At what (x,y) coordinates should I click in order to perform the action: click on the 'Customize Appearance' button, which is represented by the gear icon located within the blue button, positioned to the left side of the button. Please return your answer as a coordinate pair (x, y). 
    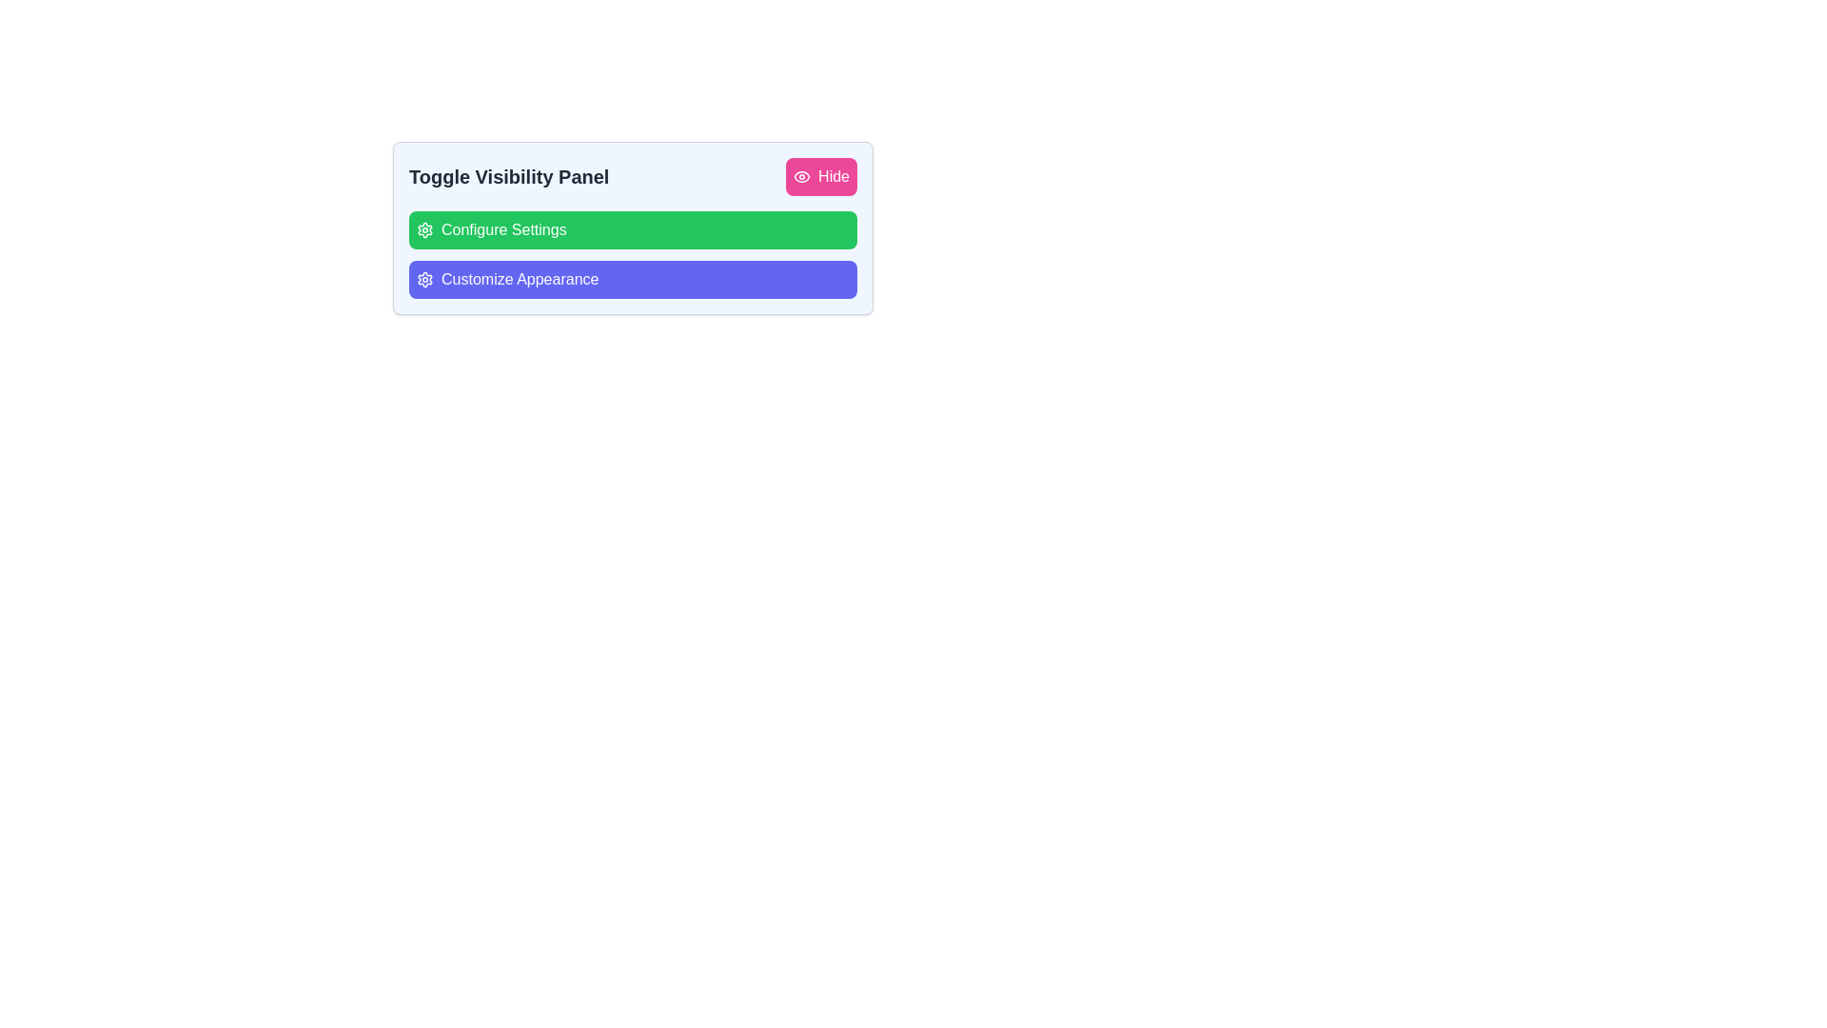
    Looking at the image, I should click on (423, 279).